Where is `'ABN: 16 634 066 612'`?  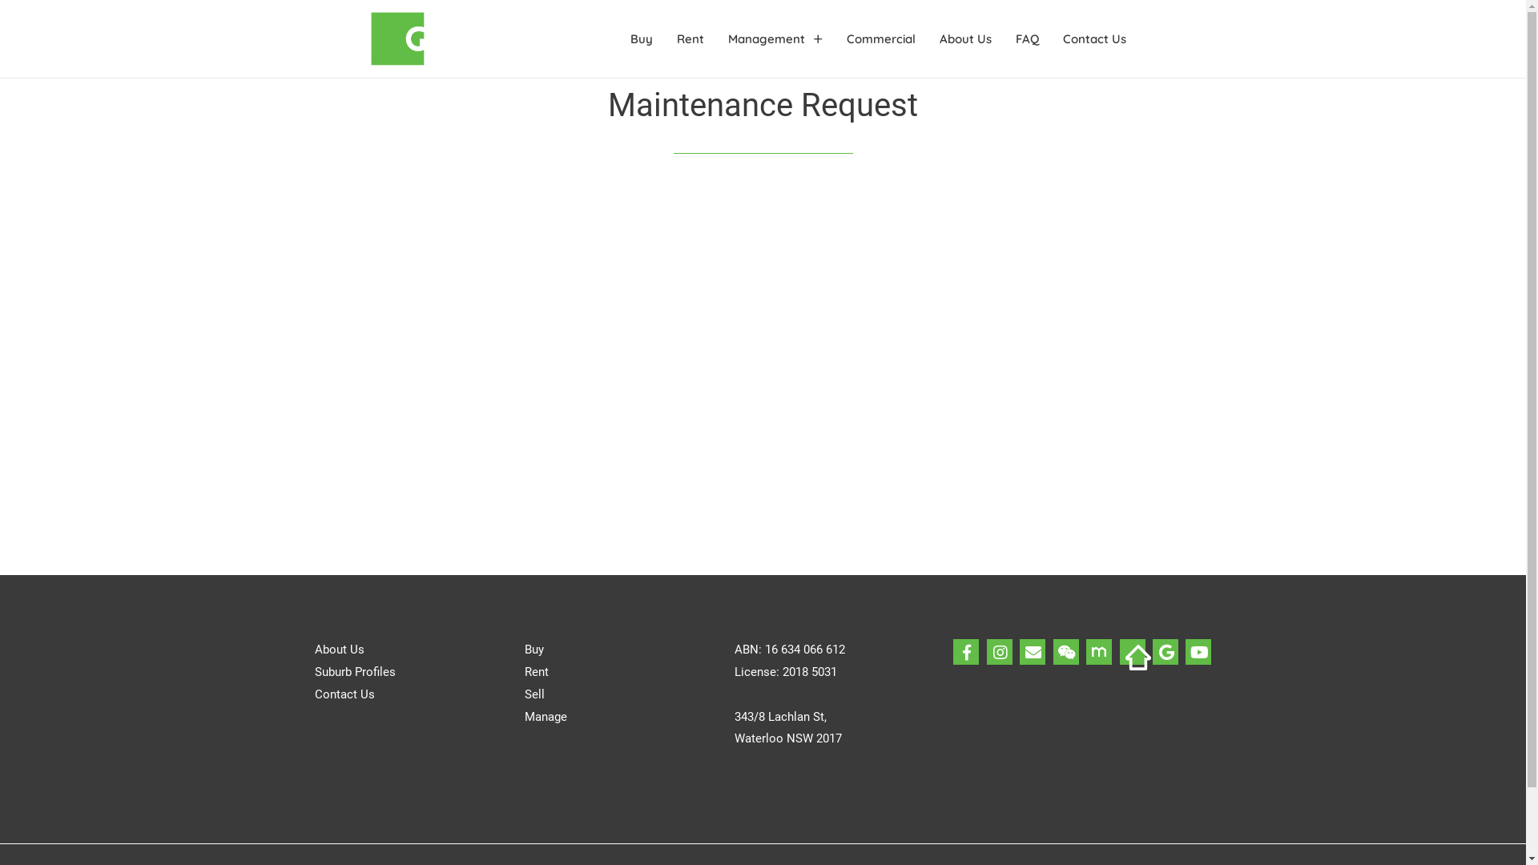
'ABN: 16 634 066 612' is located at coordinates (789, 649).